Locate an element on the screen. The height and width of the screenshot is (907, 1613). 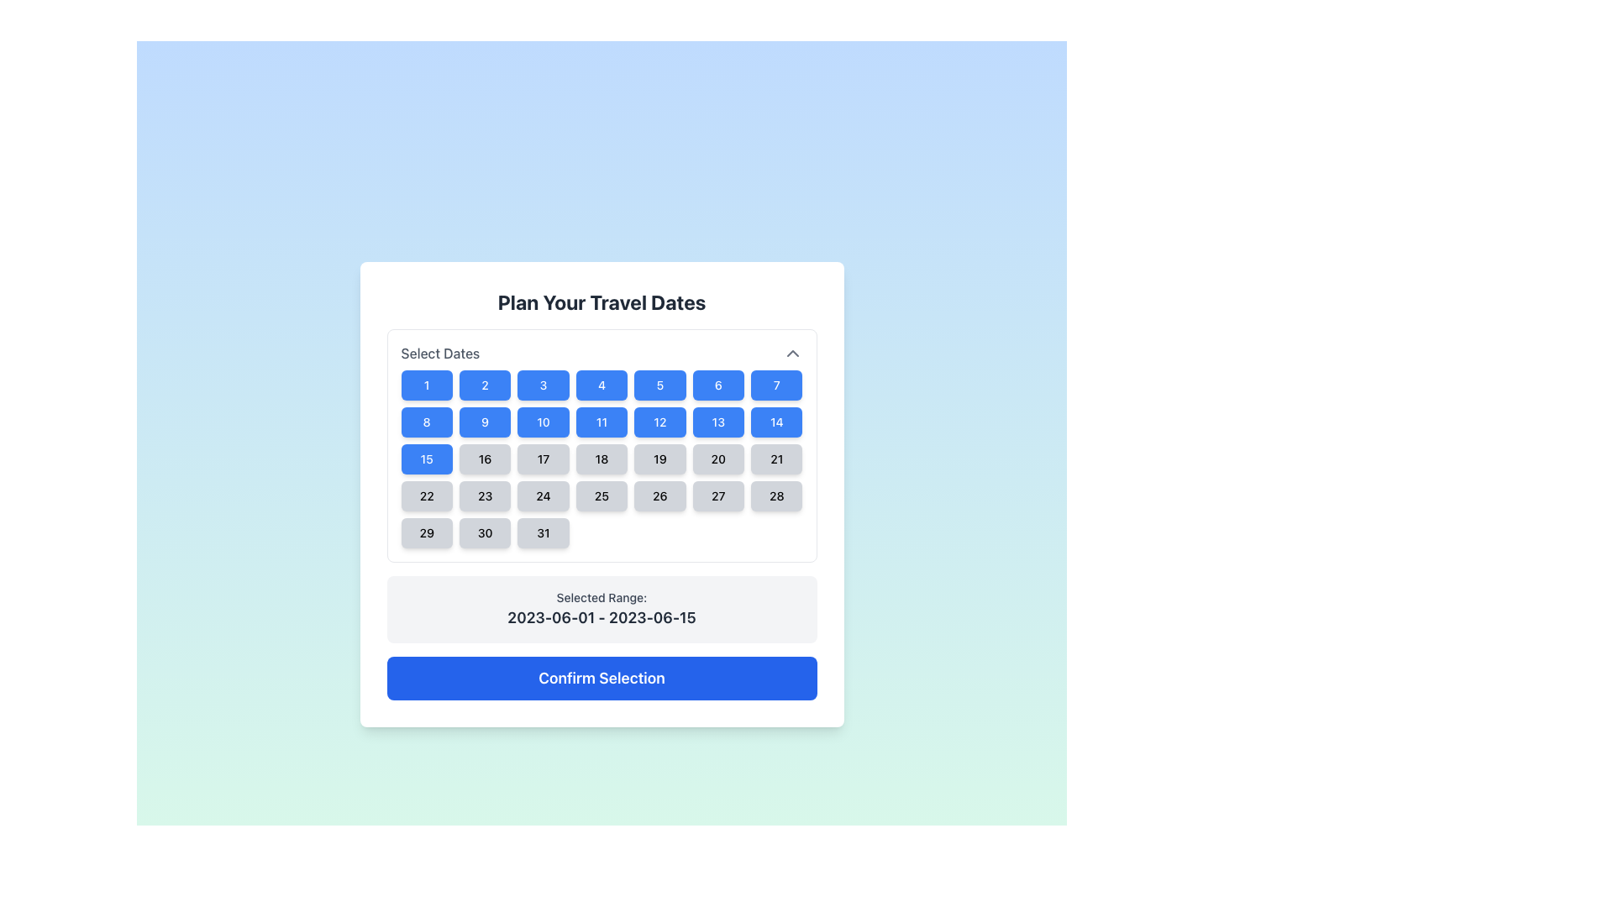
the 'Confirm Selection' button, which is a blue rectangular button with rounded corners and white text is located at coordinates (602, 677).